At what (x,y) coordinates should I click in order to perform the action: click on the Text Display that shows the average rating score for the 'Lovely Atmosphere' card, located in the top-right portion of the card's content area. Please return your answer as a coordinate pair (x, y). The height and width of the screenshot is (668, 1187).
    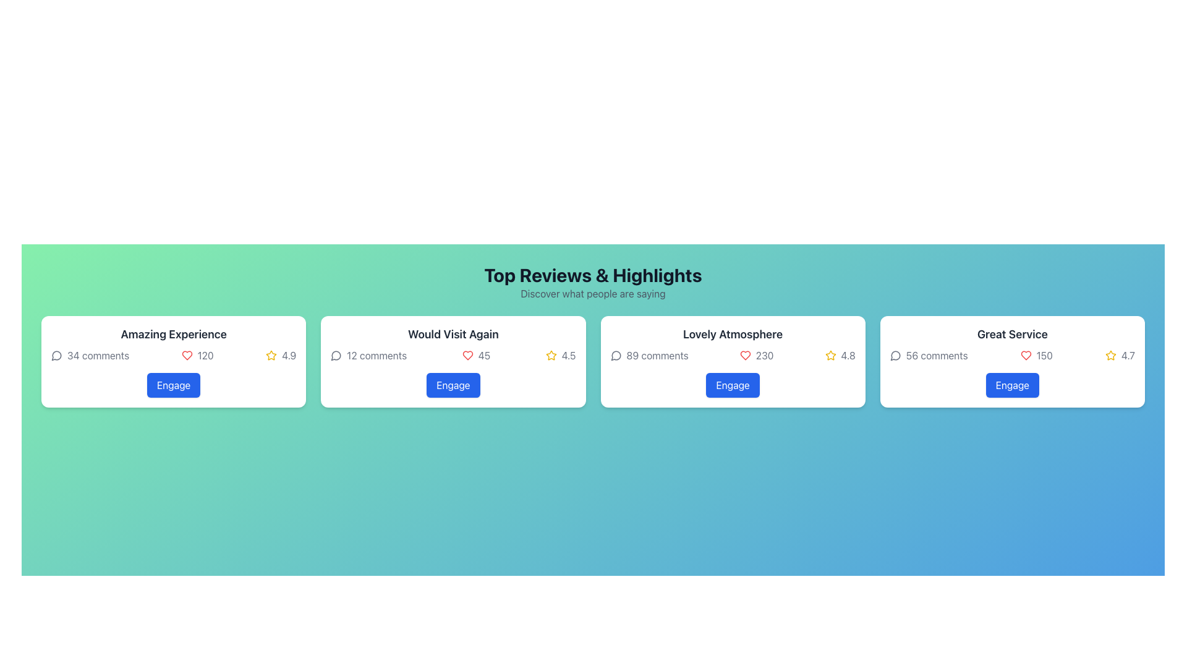
    Looking at the image, I should click on (848, 355).